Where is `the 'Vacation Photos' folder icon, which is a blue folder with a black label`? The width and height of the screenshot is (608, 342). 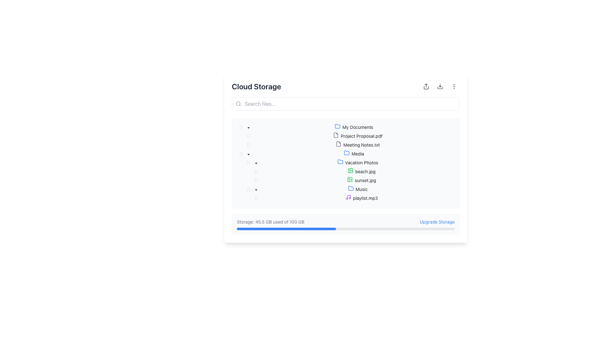
the 'Vacation Photos' folder icon, which is a blue folder with a black label is located at coordinates (345, 162).